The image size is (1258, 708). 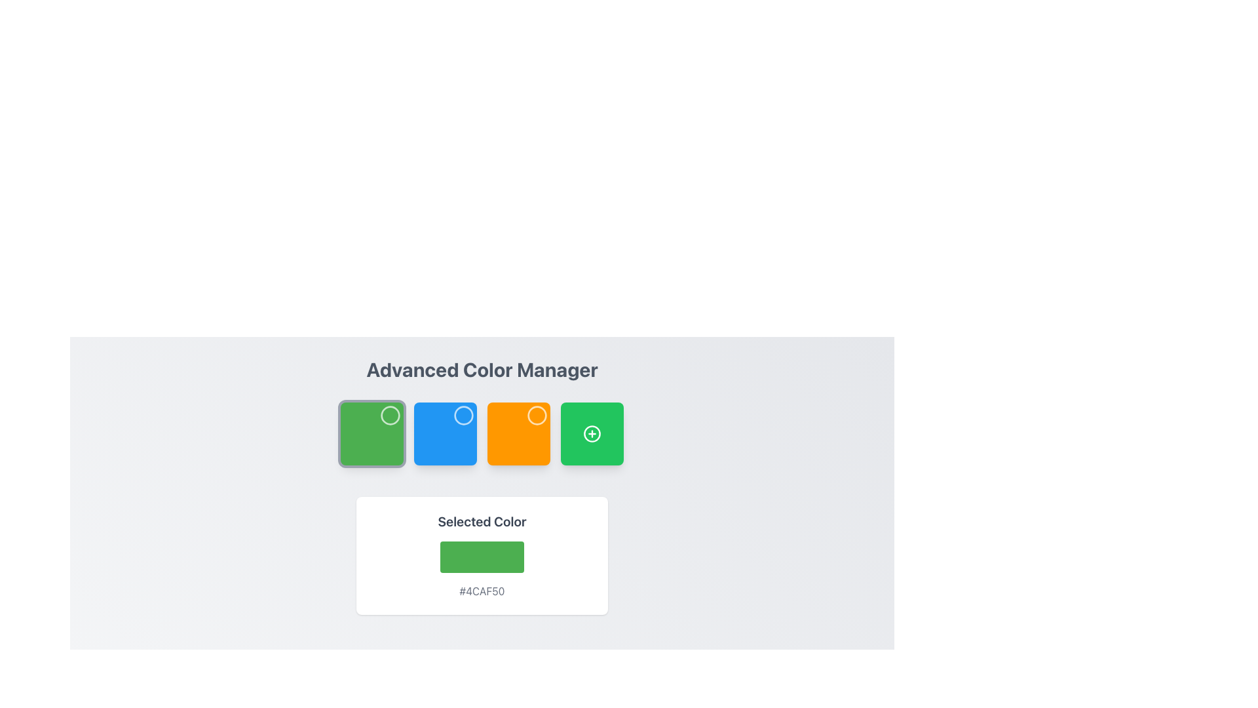 I want to click on the small circular icon with a thin outline located at the top-right corner of the blue square in the second square from the left in the row below 'Advanced Color Manager', so click(x=464, y=415).